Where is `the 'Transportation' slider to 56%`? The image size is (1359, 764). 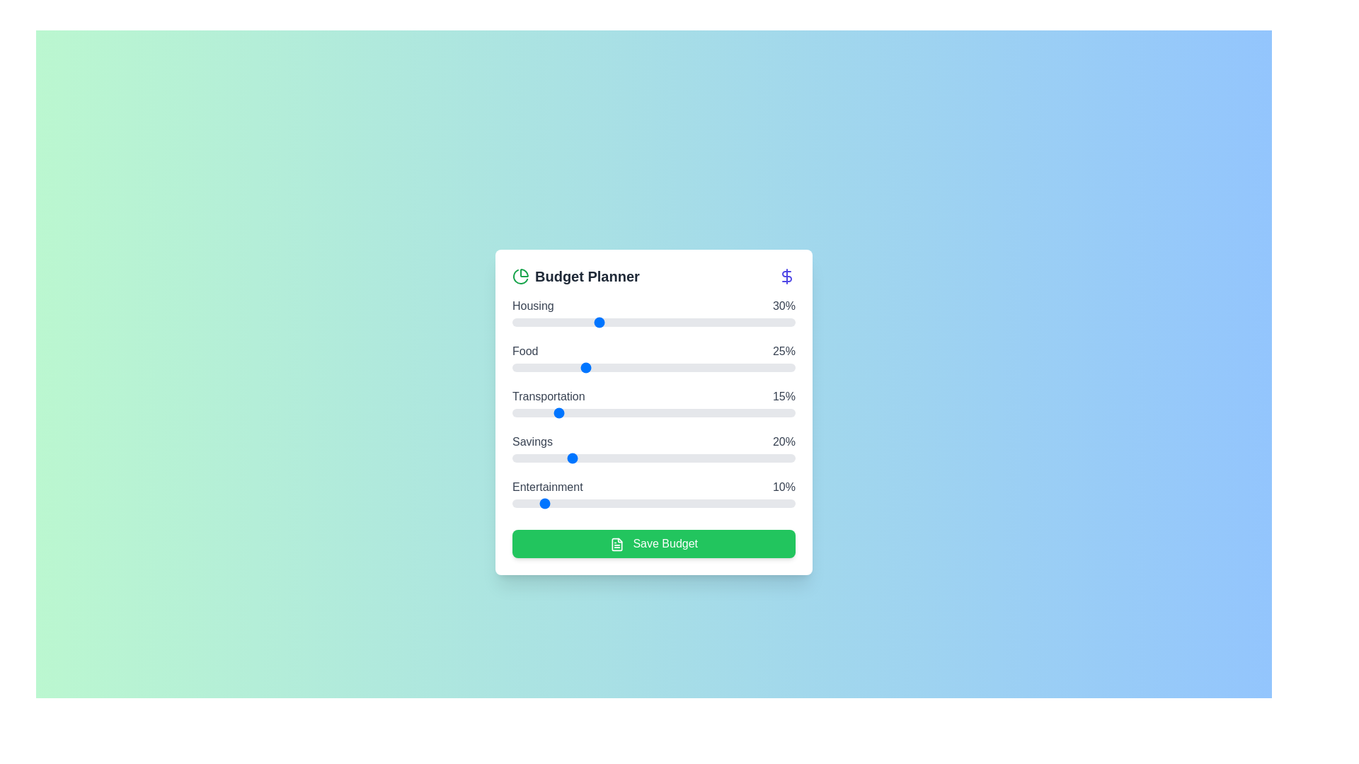 the 'Transportation' slider to 56% is located at coordinates (670, 412).